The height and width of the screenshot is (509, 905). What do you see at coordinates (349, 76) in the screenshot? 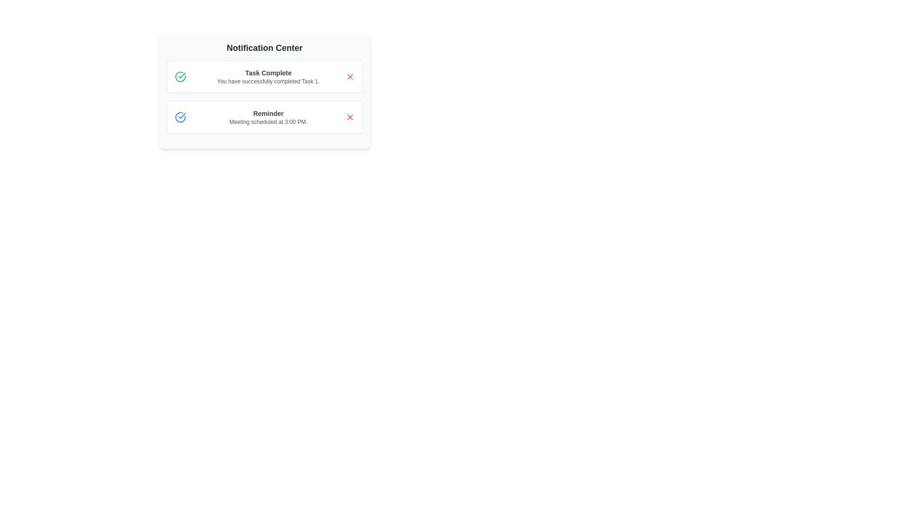
I see `the close or dismiss button located in the upper-right corner of the first notification card` at bounding box center [349, 76].